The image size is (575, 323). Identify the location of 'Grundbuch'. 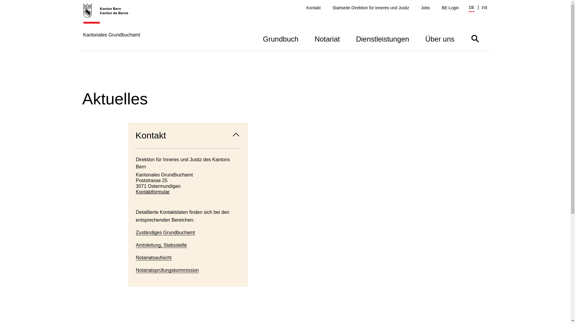
(280, 38).